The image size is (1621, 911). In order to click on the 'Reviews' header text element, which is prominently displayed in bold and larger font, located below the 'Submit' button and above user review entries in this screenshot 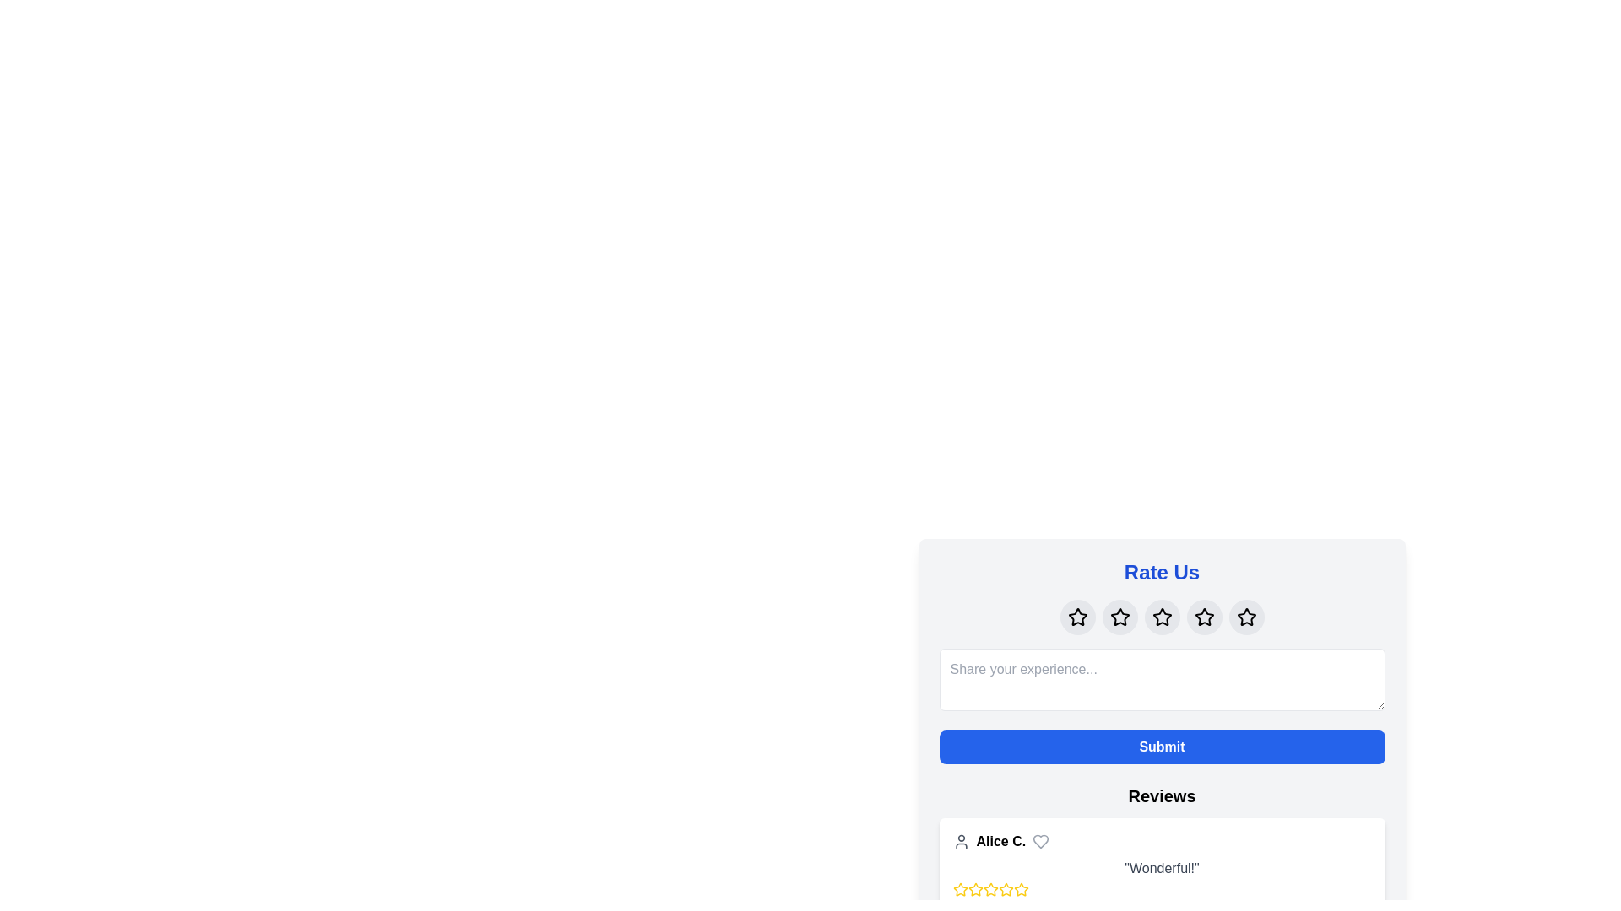, I will do `click(1161, 796)`.